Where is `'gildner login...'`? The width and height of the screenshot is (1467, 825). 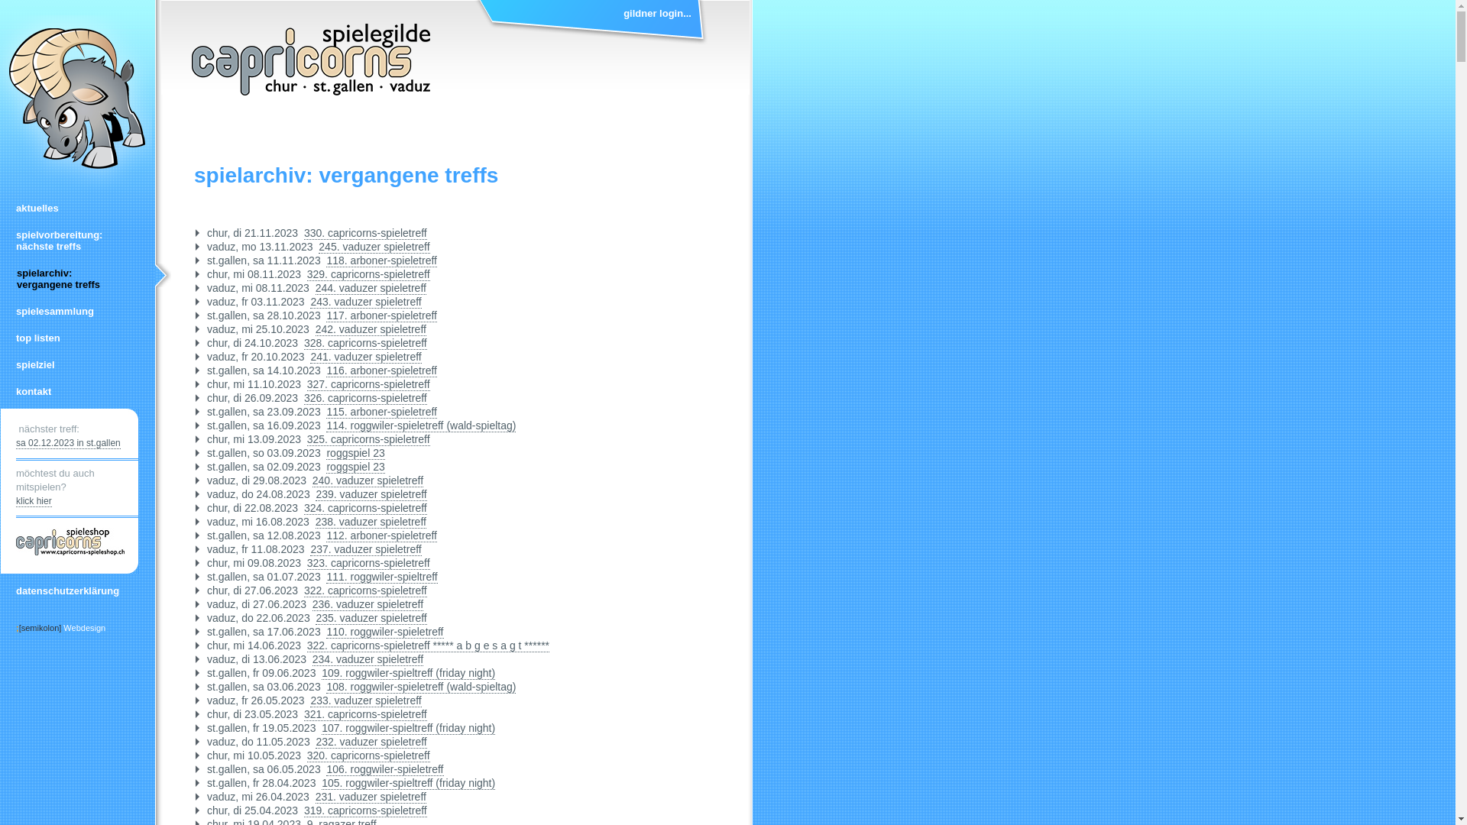 'gildner login...' is located at coordinates (472, 23).